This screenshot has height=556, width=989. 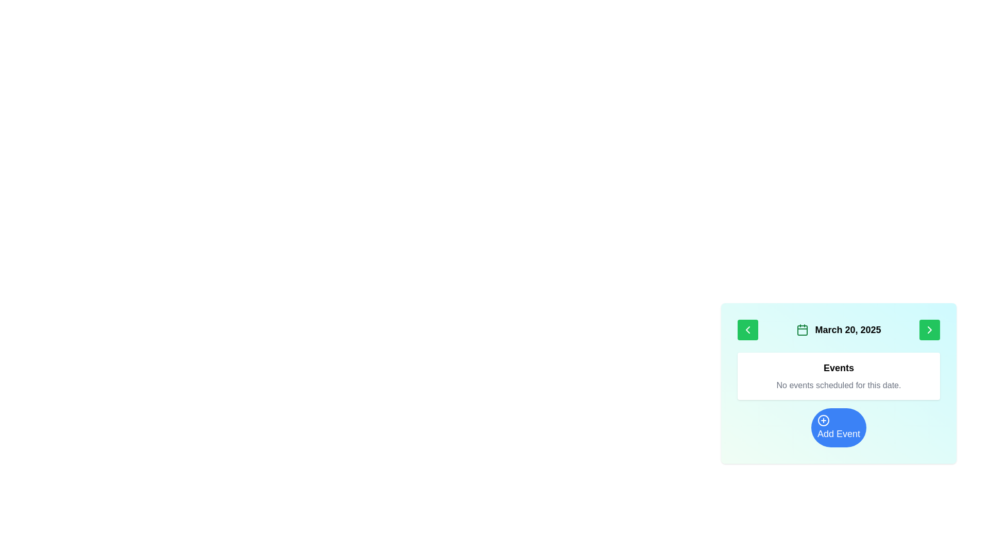 I want to click on the small circular icon with a plus sign inside, which is visually centered on the larger blue 'Add Event' button, so click(x=823, y=421).